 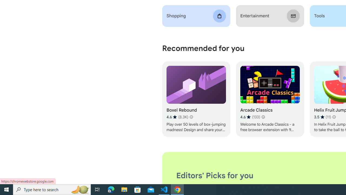 What do you see at coordinates (196, 16) in the screenshot?
I see `'Shopping'` at bounding box center [196, 16].